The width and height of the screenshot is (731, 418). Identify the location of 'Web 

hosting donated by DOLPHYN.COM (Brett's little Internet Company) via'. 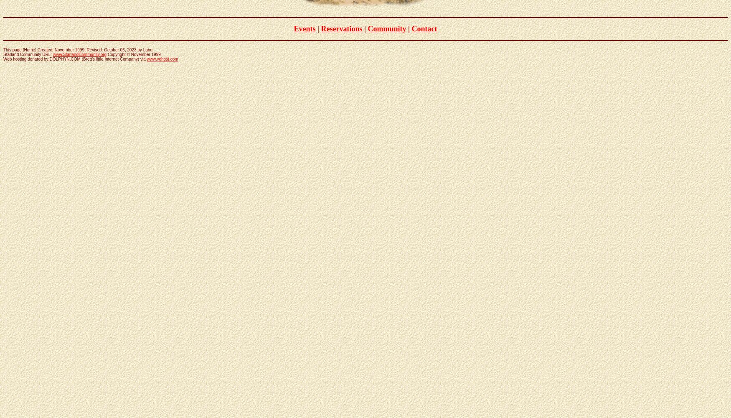
(74, 59).